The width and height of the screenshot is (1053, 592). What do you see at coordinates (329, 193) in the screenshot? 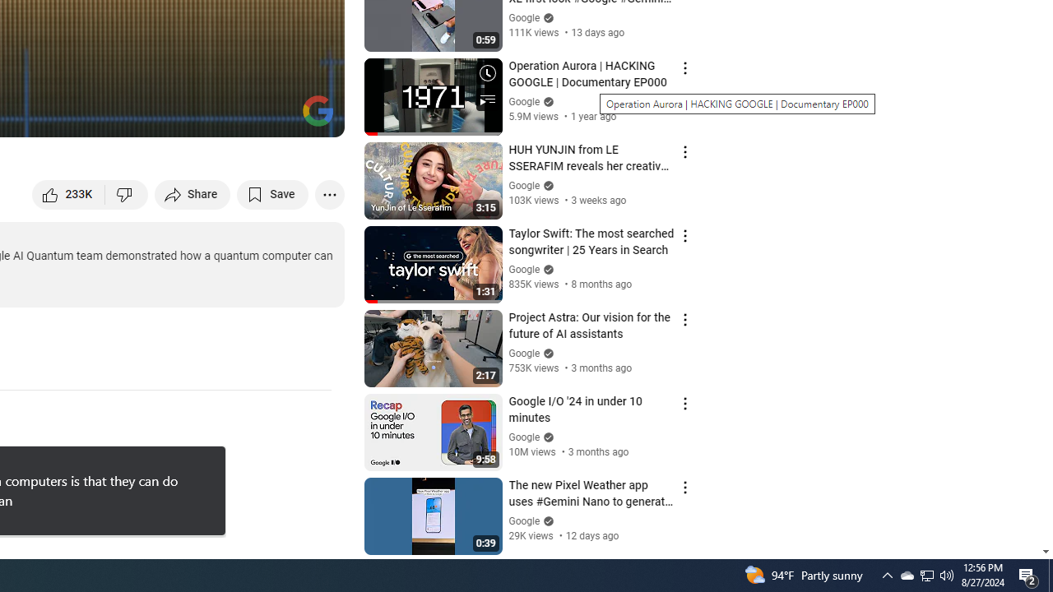
I see `'More actions'` at bounding box center [329, 193].